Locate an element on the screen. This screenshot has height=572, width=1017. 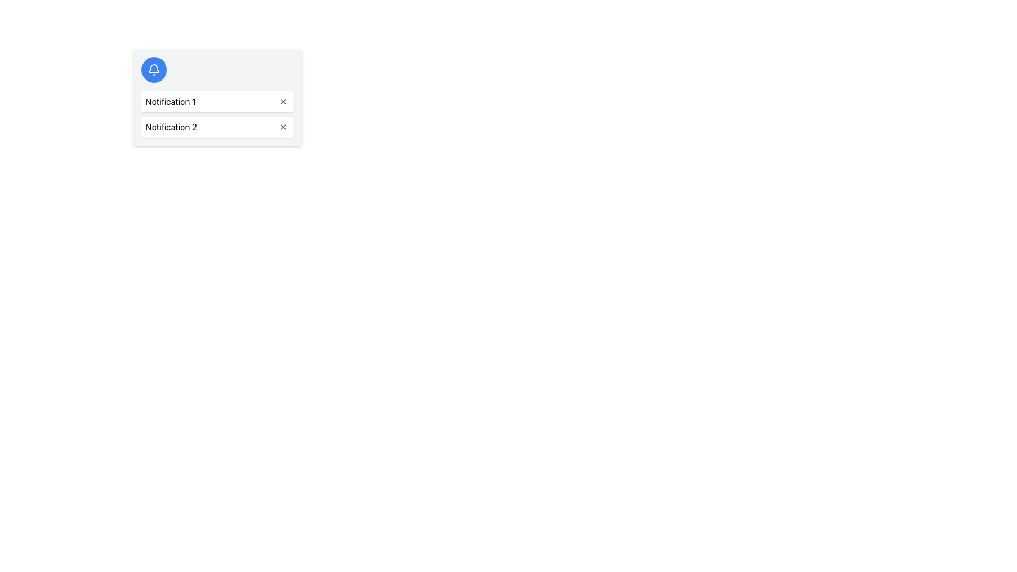
text content of the label displaying 'Notification 2', which is located in the lower section of the notification area beneath 'Notification 1' is located at coordinates (171, 126).